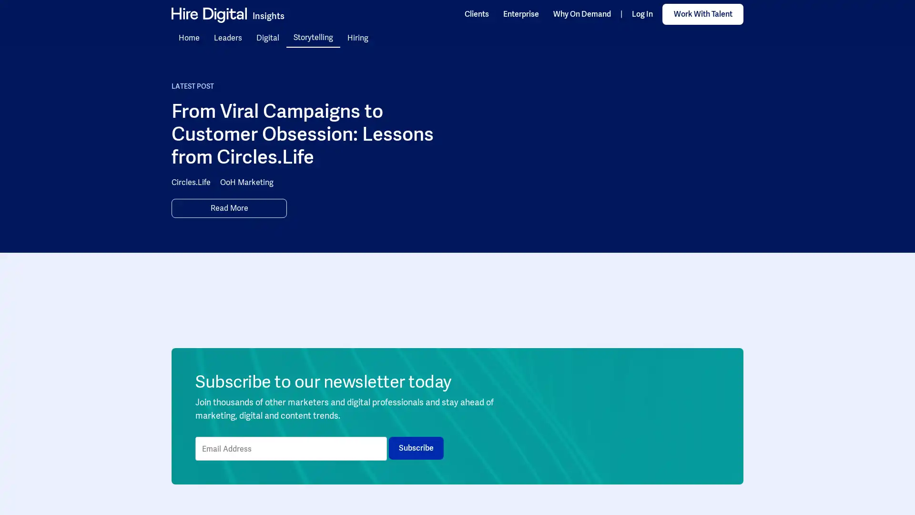  I want to click on Subscribe, so click(416, 448).